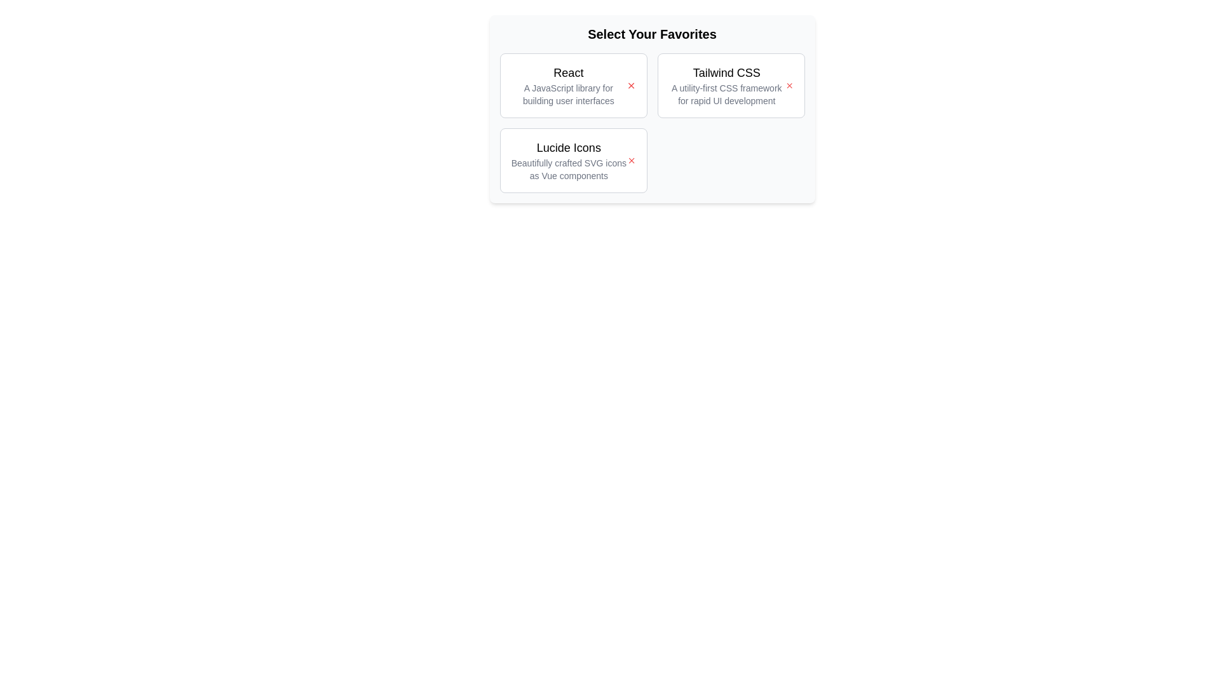 Image resolution: width=1220 pixels, height=686 pixels. I want to click on the description of the chip labeled React, so click(567, 86).